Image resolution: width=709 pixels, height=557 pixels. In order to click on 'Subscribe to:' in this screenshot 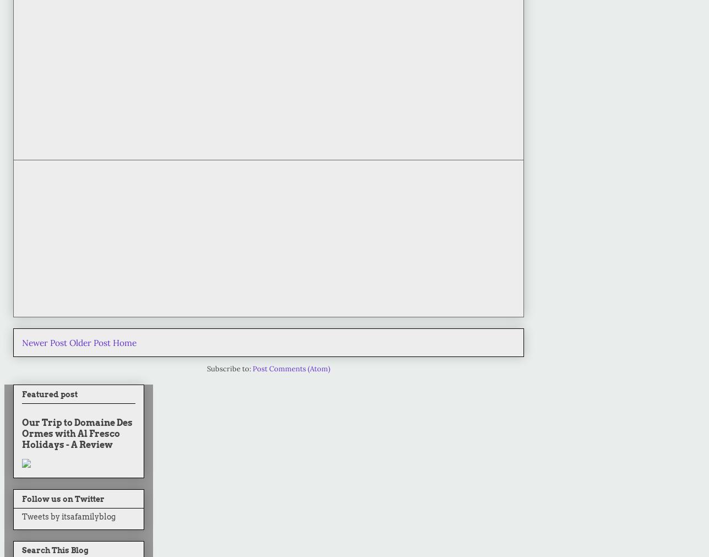, I will do `click(206, 369)`.